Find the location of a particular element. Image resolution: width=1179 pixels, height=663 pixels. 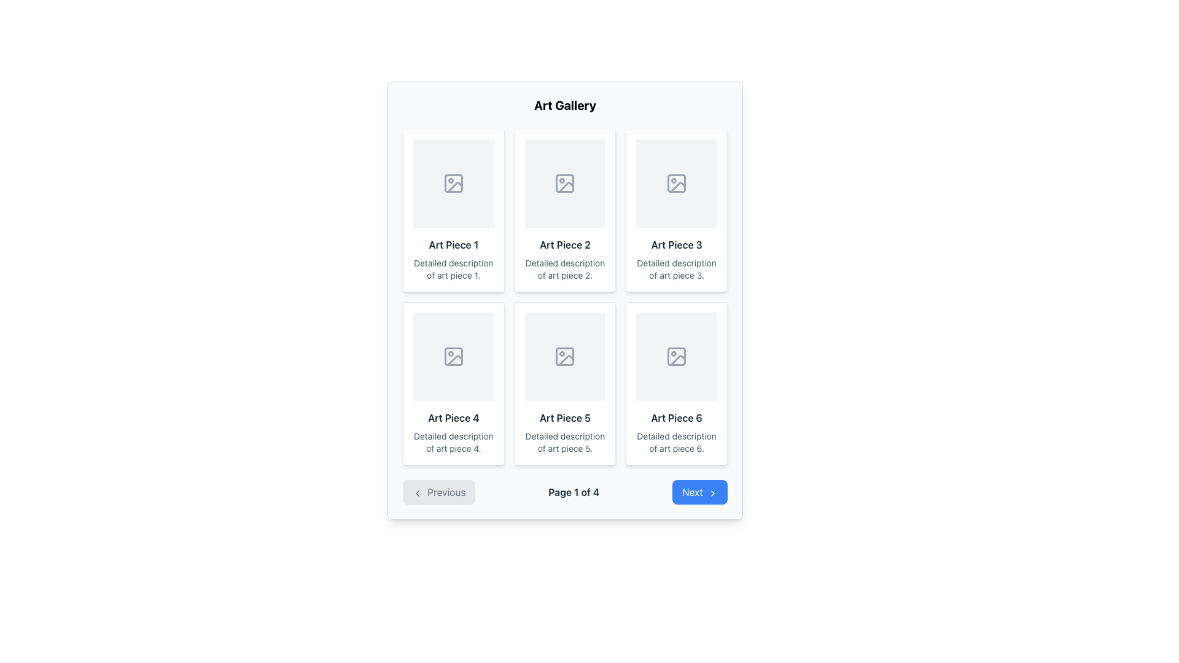

the image placeholder within the content card labeled 'Art Piece 4', which is positioned above the text 'Detailed description of art piece 4' is located at coordinates (453, 357).